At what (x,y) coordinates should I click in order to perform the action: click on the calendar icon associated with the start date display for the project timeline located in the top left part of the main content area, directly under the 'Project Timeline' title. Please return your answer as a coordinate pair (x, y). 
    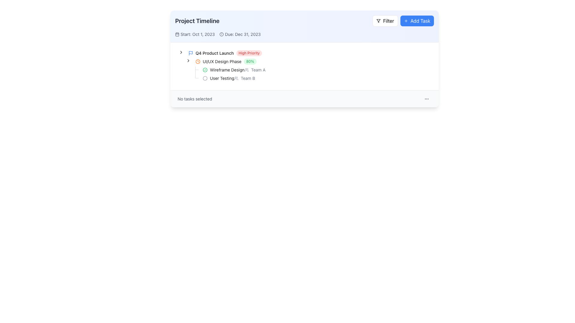
    Looking at the image, I should click on (195, 34).